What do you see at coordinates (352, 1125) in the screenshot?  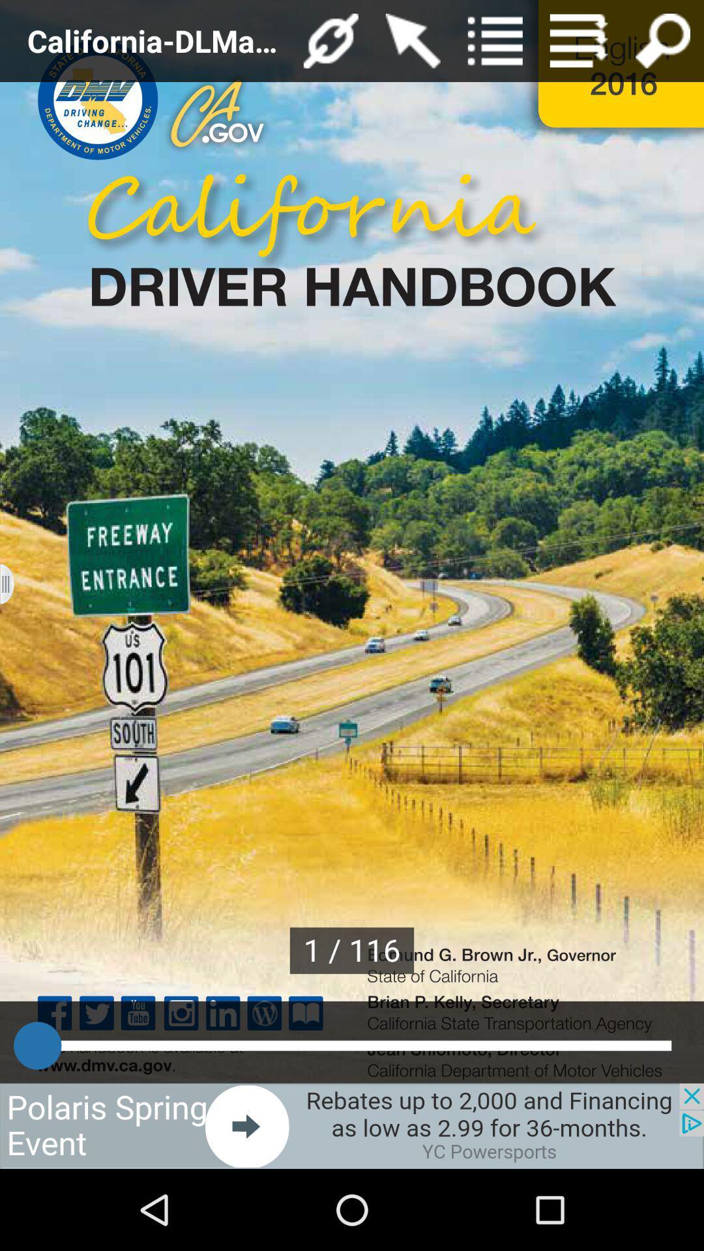 I see `visit this advertiser page` at bounding box center [352, 1125].